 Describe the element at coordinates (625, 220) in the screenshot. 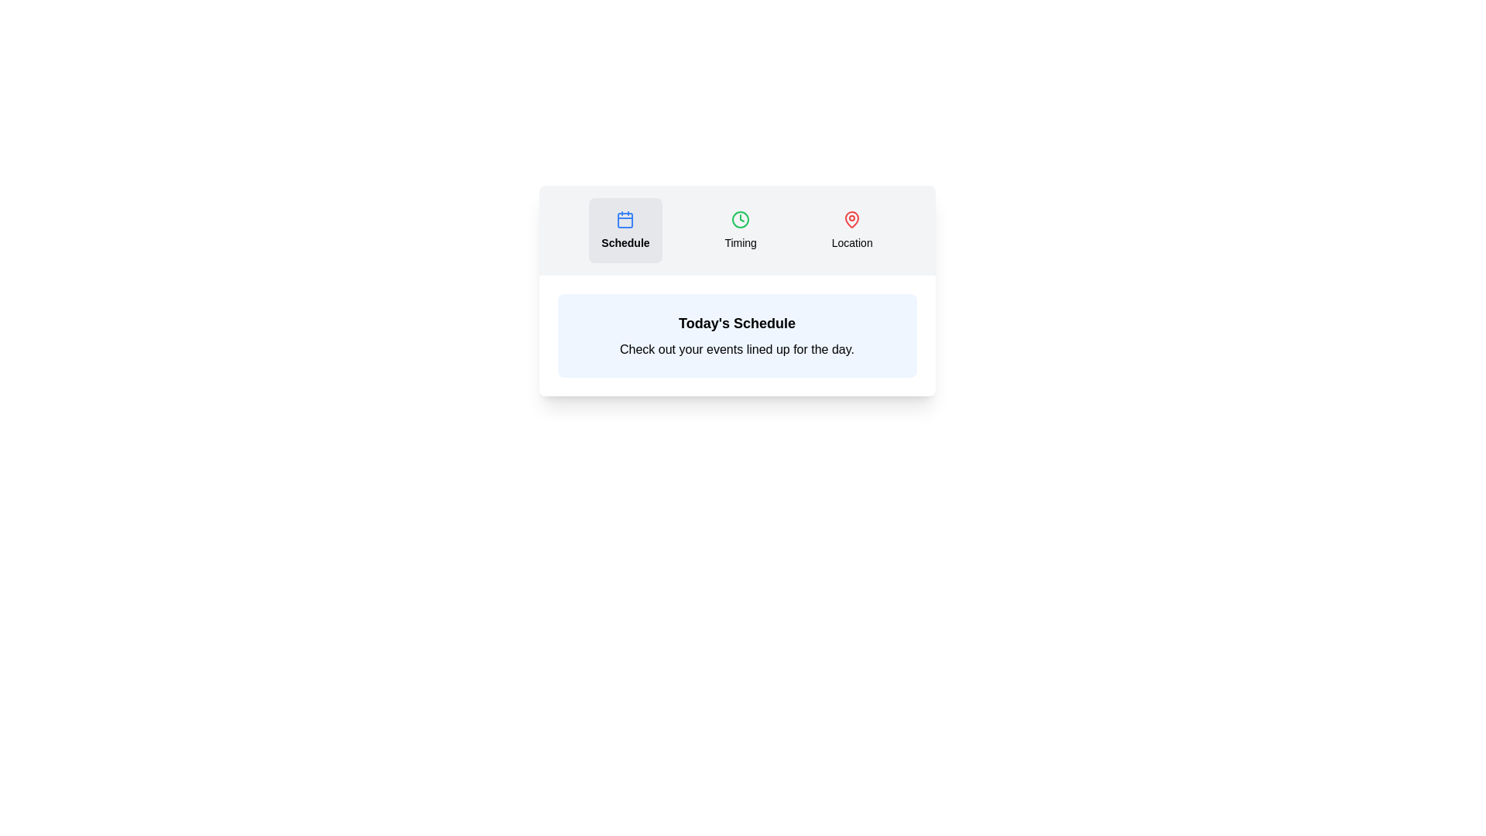

I see `the icon corresponding to the Schedule tab` at that location.